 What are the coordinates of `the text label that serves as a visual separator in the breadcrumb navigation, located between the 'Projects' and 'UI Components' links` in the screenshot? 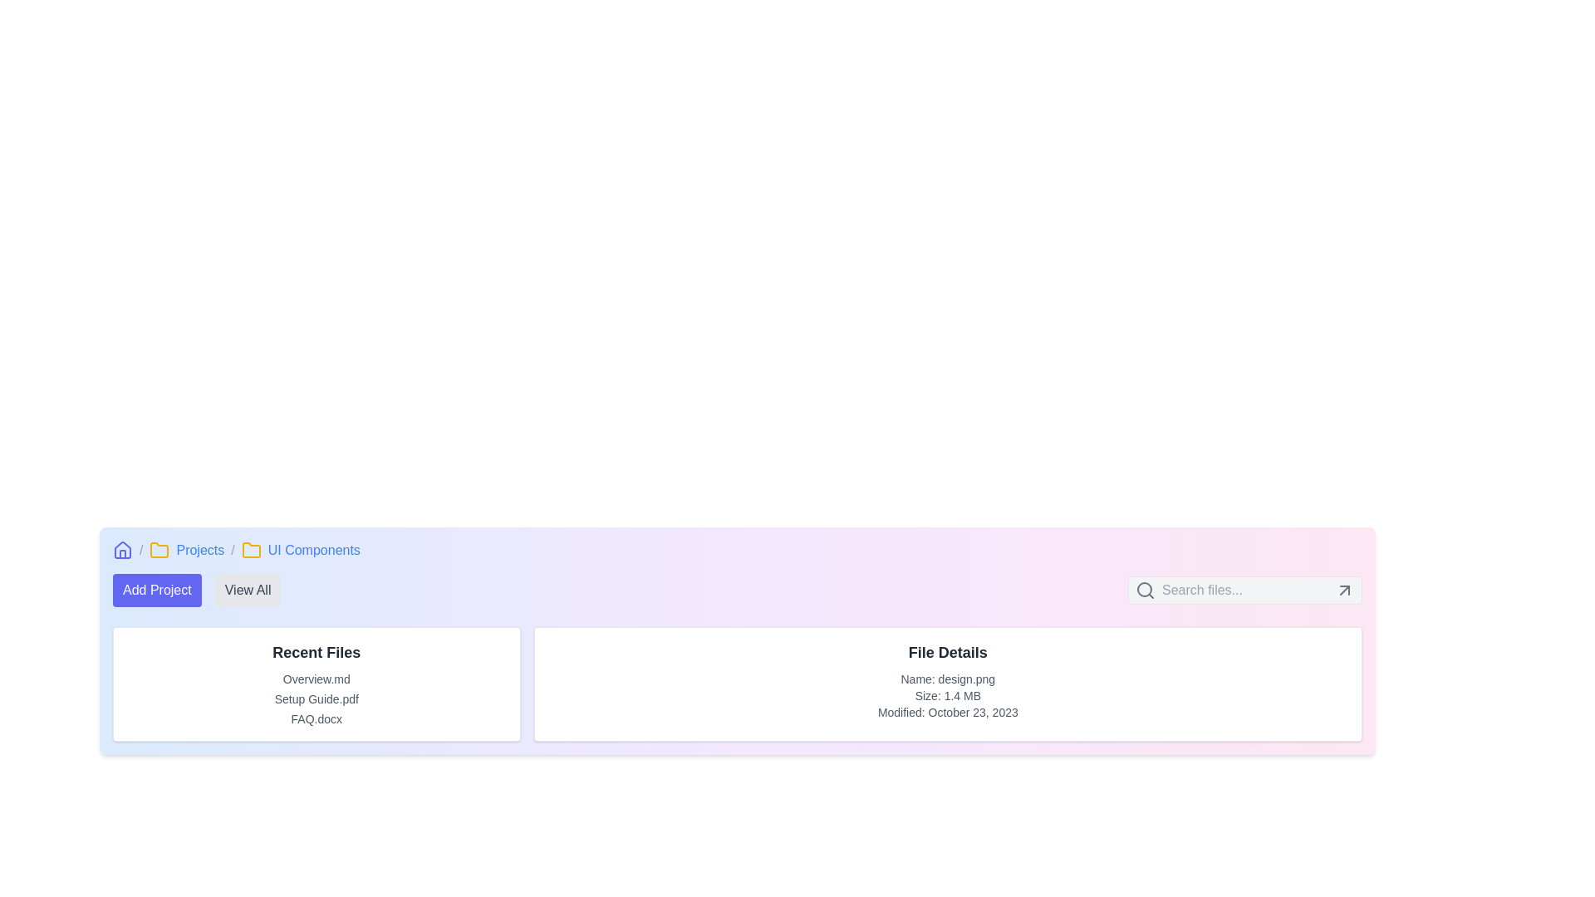 It's located at (232, 551).